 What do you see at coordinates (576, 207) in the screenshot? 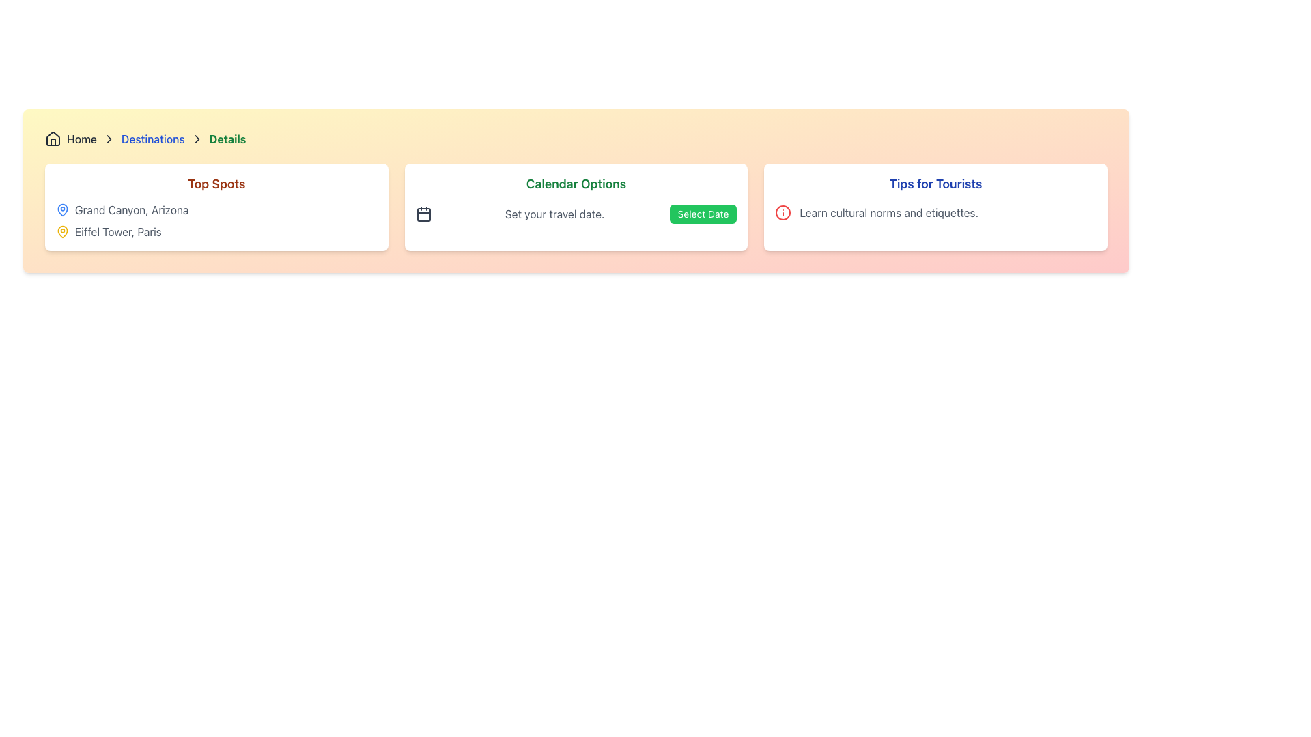
I see `the 'Calendar Options' card which is the second card in a horizontal row, featuring a green header and a 'Select Date' button, to trigger additional effects` at bounding box center [576, 207].